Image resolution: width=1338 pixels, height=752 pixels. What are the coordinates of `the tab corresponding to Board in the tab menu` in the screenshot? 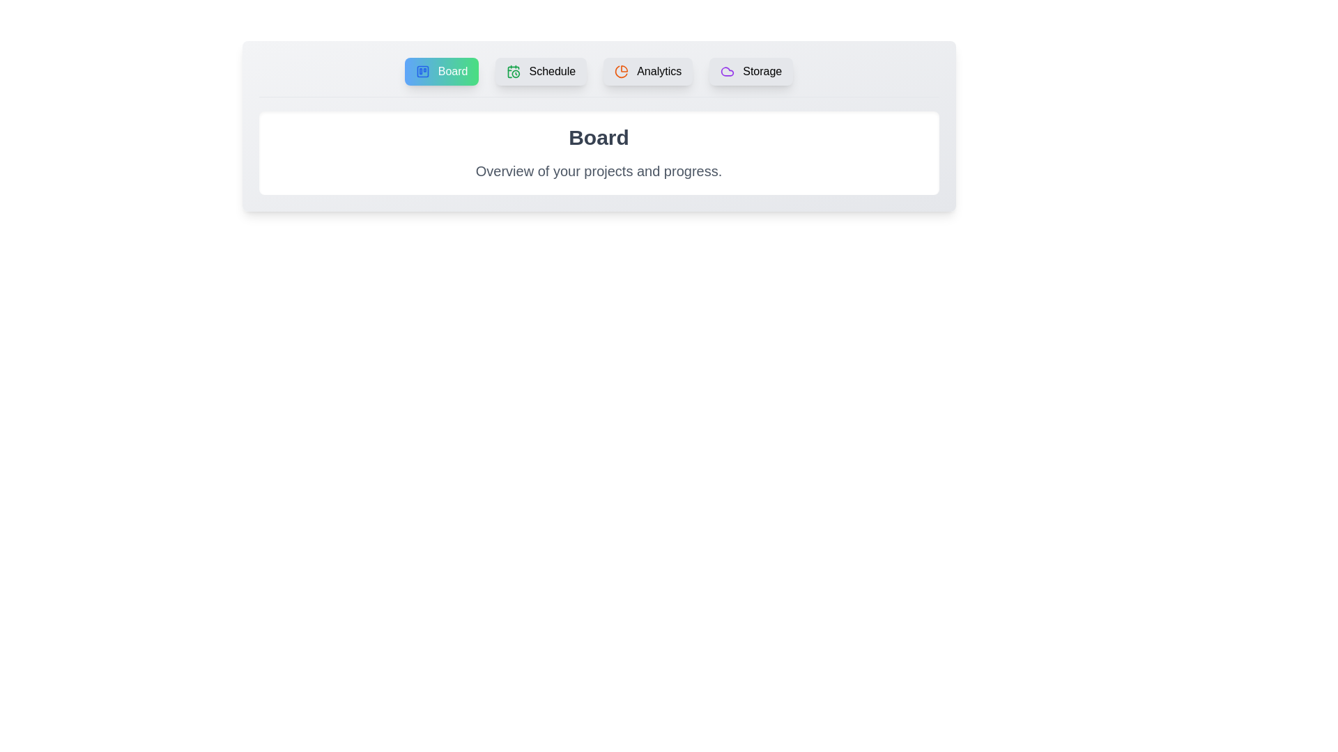 It's located at (440, 72).